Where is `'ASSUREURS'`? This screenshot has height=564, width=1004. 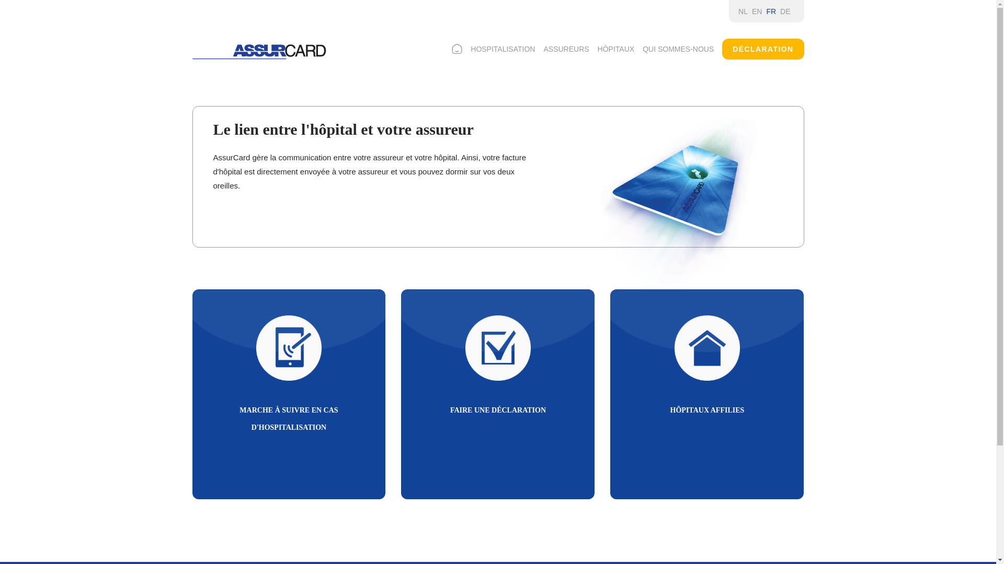 'ASSUREURS' is located at coordinates (565, 49).